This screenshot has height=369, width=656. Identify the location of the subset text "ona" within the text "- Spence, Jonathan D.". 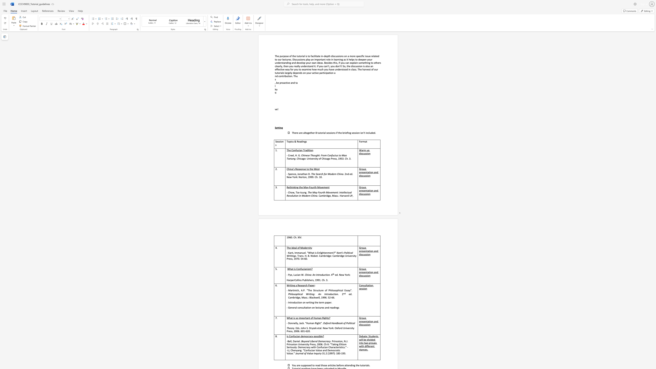
(298, 174).